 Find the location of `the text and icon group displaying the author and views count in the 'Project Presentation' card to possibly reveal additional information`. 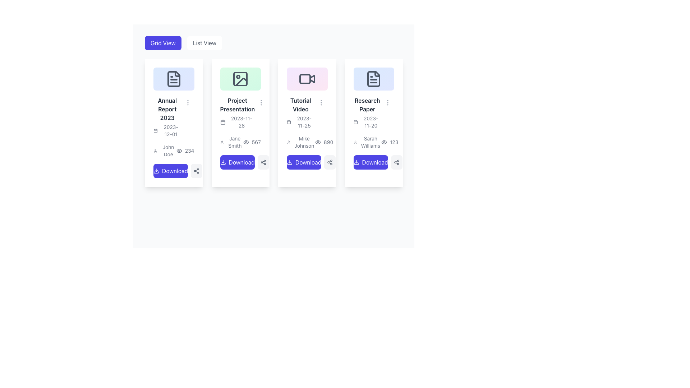

the text and icon group displaying the author and views count in the 'Project Presentation' card to possibly reveal additional information is located at coordinates (240, 142).